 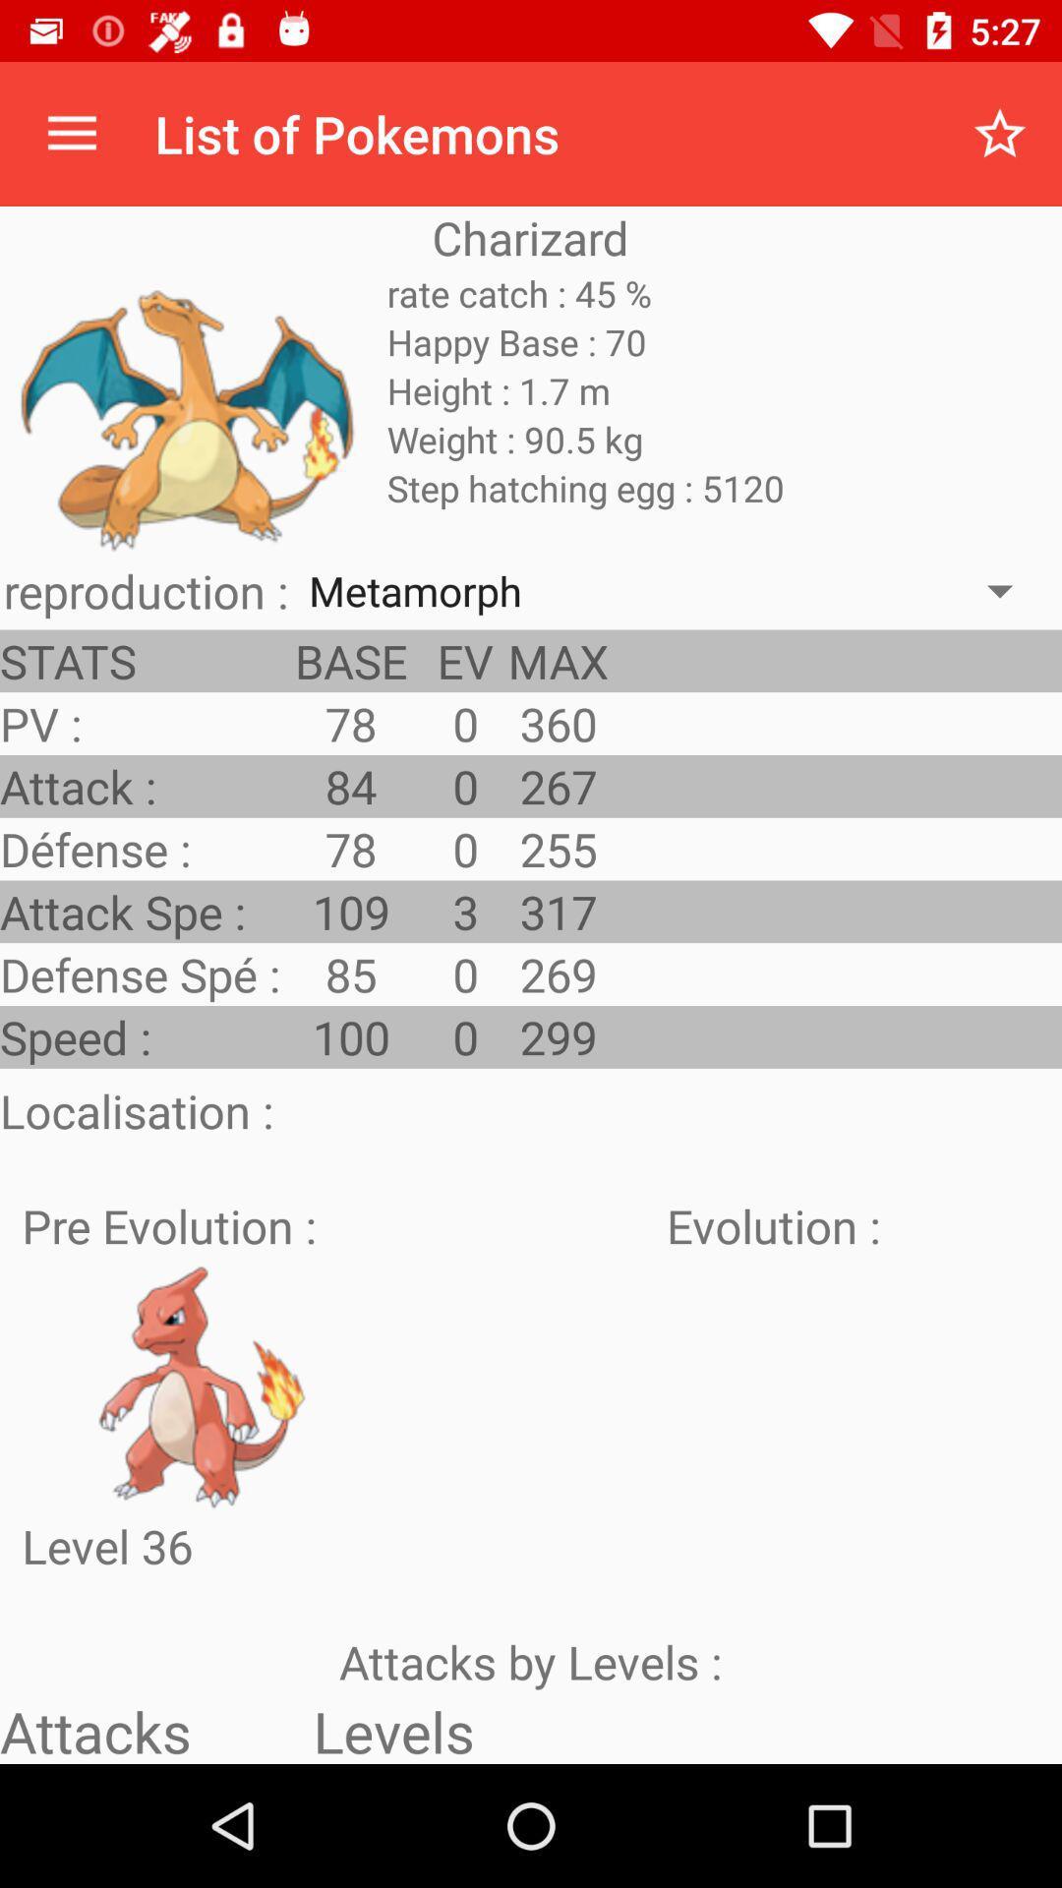 I want to click on content picture, so click(x=202, y=1385).